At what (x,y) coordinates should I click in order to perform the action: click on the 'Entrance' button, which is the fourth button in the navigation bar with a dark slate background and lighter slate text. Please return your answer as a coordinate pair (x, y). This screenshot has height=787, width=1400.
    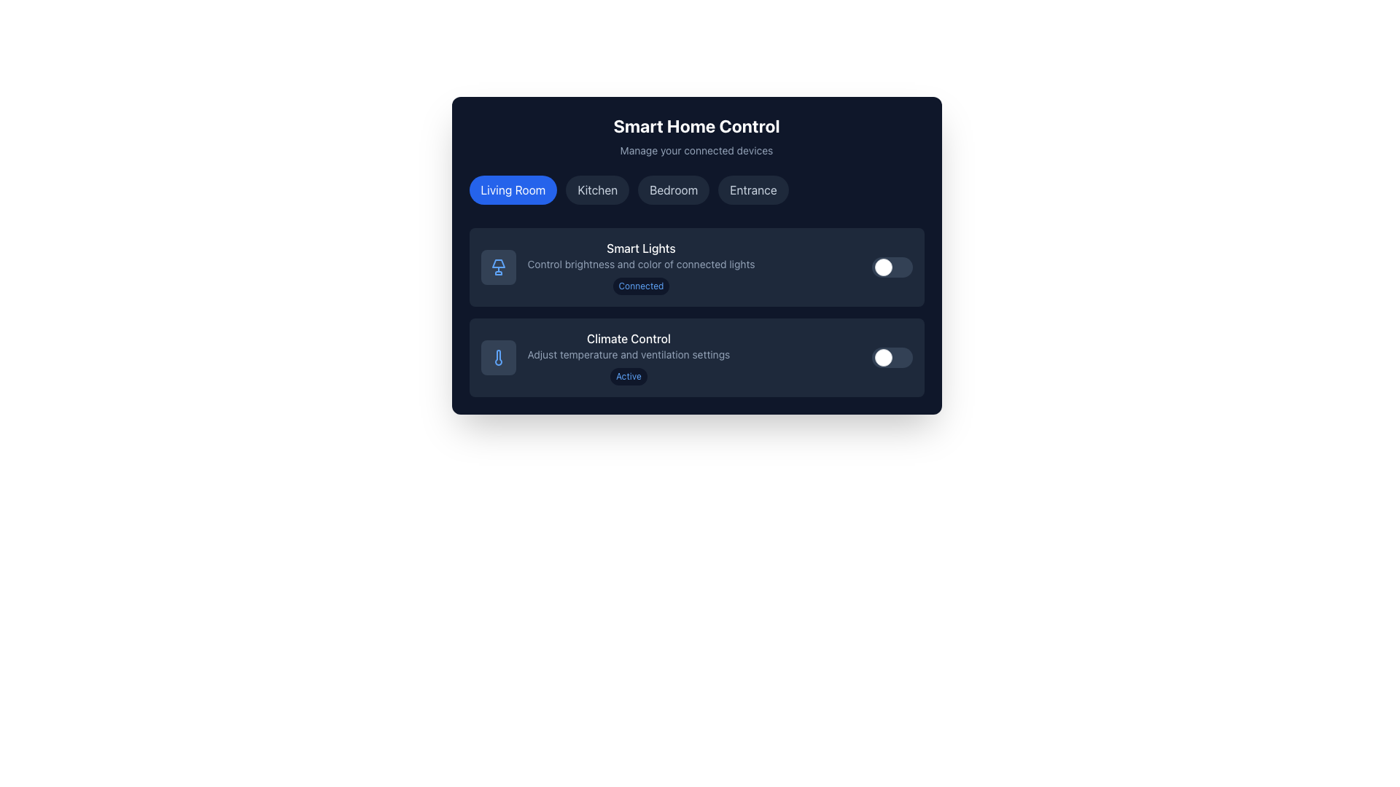
    Looking at the image, I should click on (753, 189).